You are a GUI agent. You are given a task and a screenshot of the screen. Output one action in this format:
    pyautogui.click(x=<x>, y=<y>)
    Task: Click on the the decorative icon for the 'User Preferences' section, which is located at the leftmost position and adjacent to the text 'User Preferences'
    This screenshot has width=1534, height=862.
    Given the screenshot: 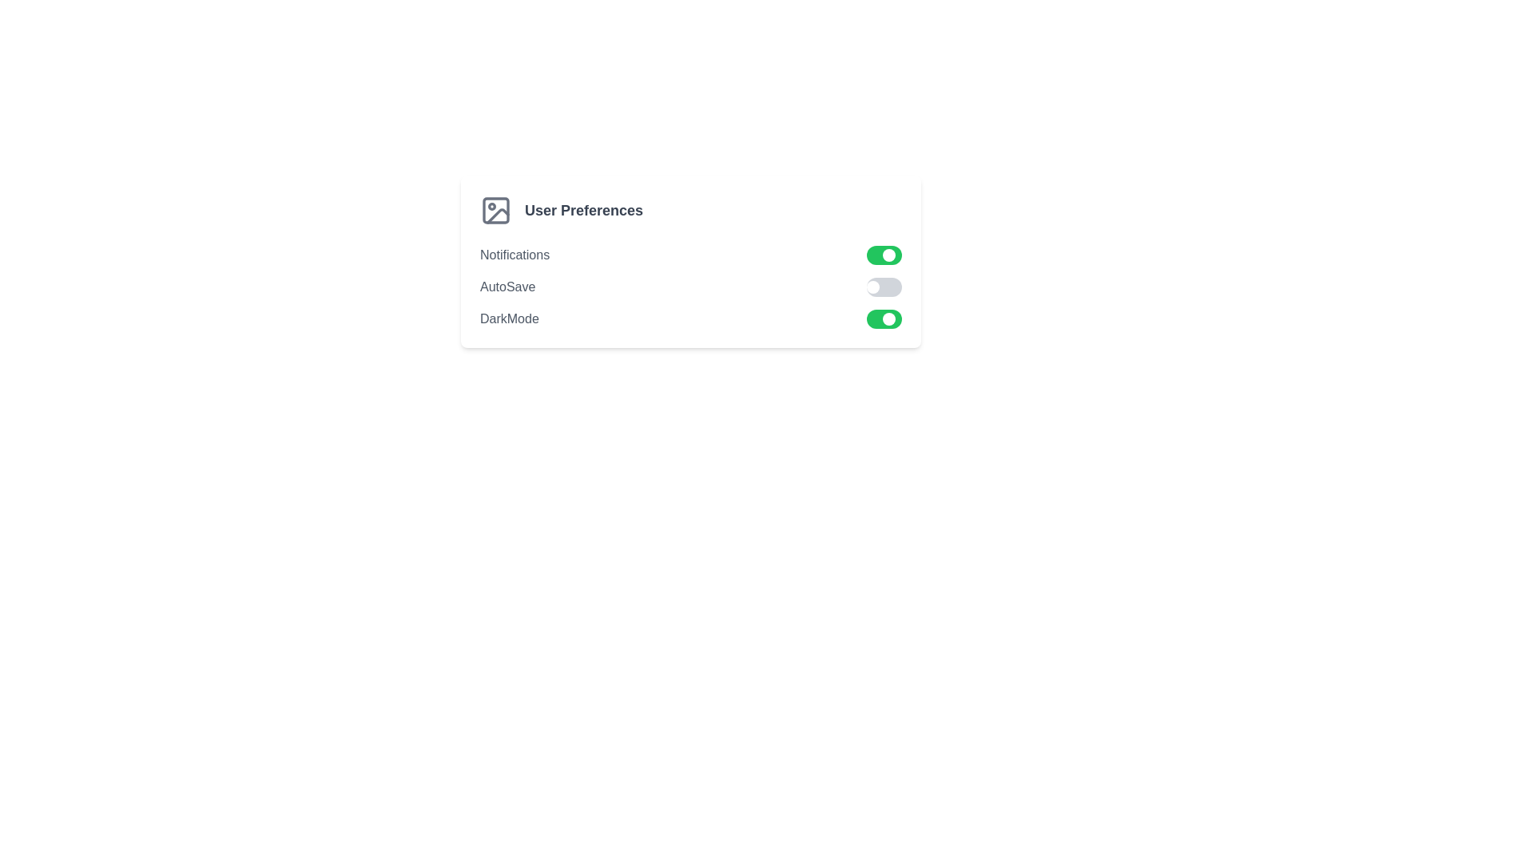 What is the action you would take?
    pyautogui.click(x=495, y=209)
    